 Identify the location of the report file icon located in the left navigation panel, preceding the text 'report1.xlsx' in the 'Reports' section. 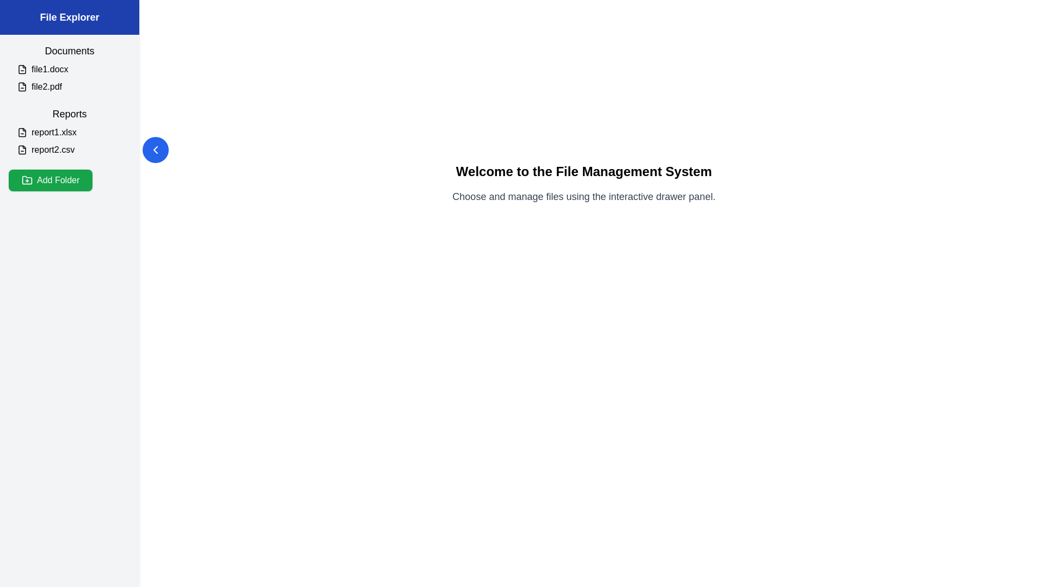
(22, 132).